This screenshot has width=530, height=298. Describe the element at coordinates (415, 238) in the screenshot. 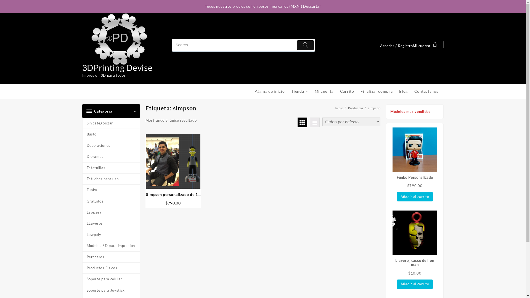

I see `'Llavero_ casco de iron man'` at that location.